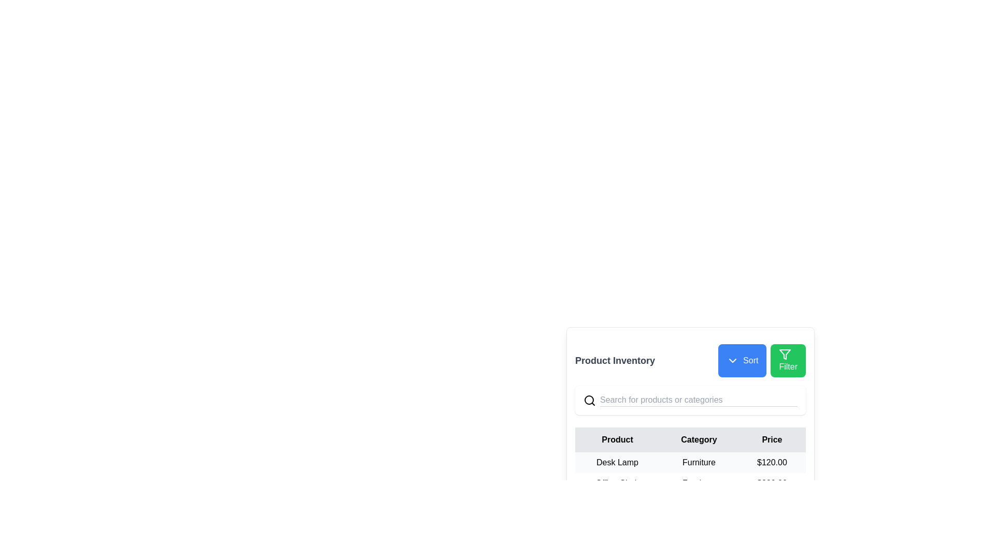 Image resolution: width=995 pixels, height=559 pixels. Describe the element at coordinates (785, 354) in the screenshot. I see `the filter icon button resembling a funnel, located on the right side of the toolbar above the 'Product Inventory' table` at that location.